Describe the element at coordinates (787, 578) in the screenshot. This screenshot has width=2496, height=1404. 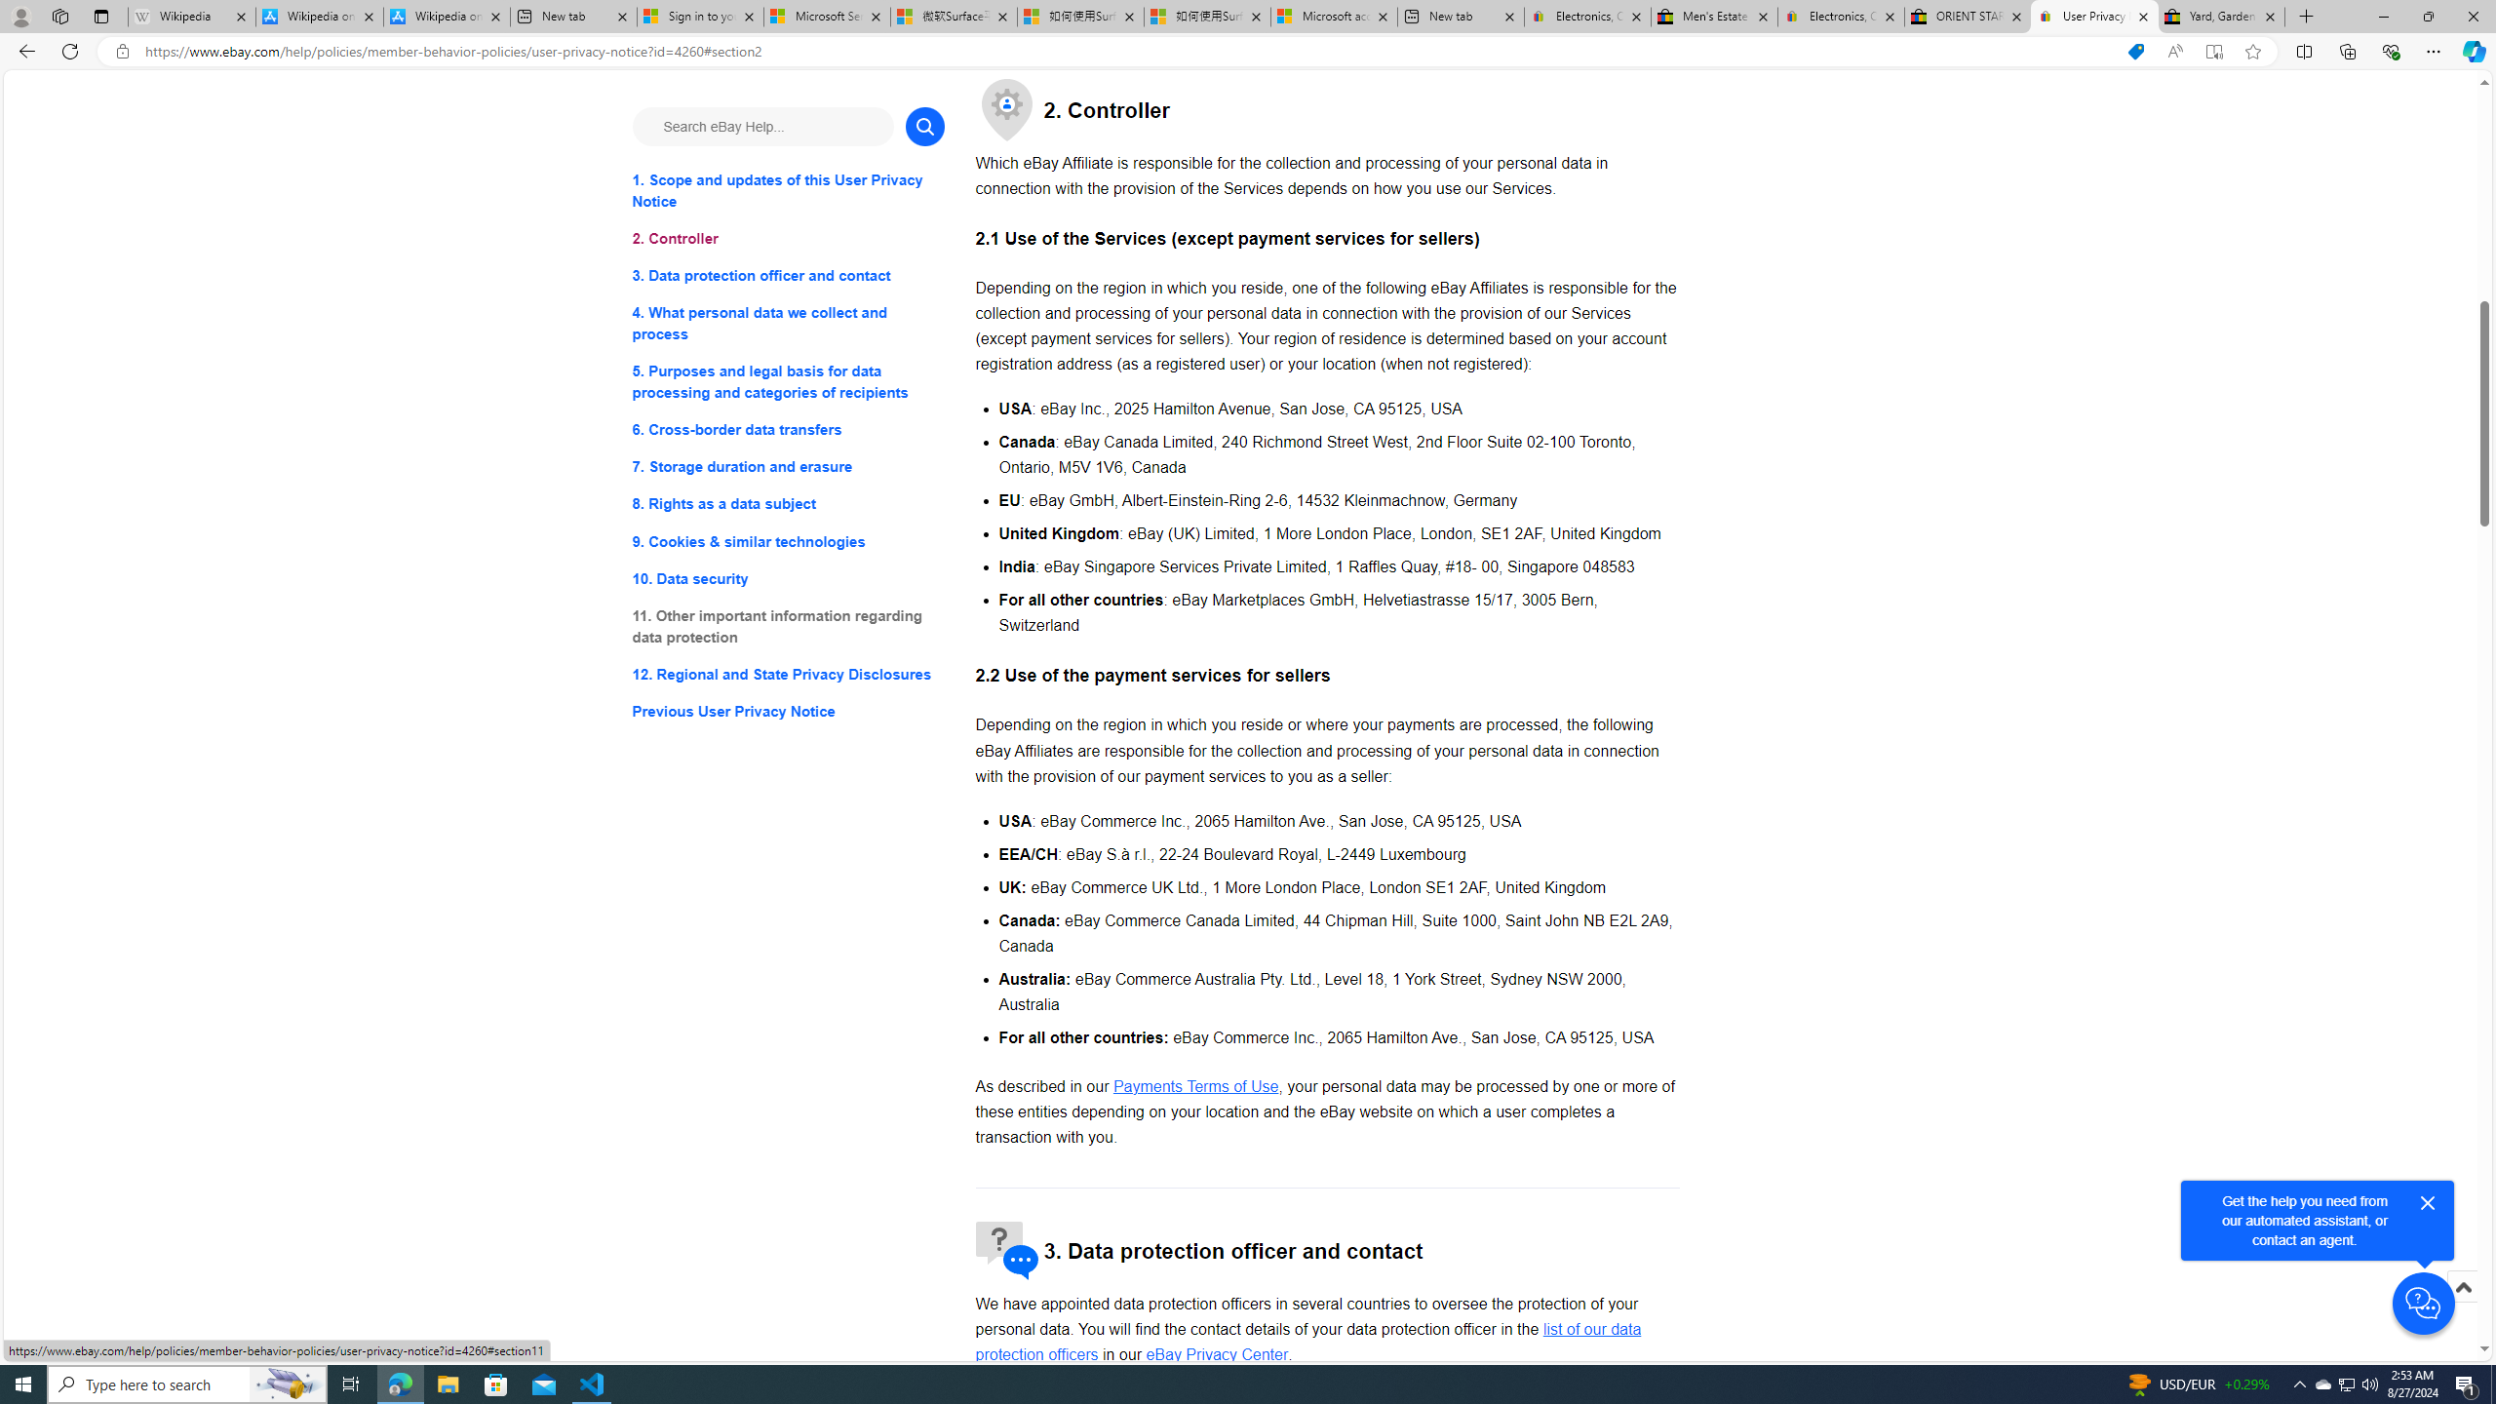
I see `'10. Data security'` at that location.